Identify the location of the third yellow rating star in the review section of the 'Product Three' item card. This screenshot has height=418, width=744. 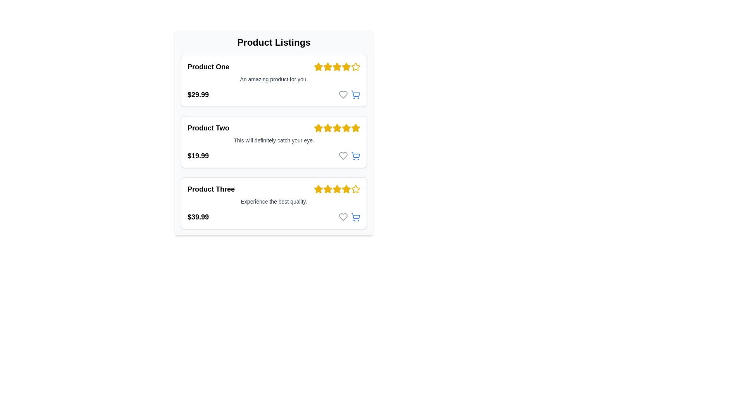
(327, 189).